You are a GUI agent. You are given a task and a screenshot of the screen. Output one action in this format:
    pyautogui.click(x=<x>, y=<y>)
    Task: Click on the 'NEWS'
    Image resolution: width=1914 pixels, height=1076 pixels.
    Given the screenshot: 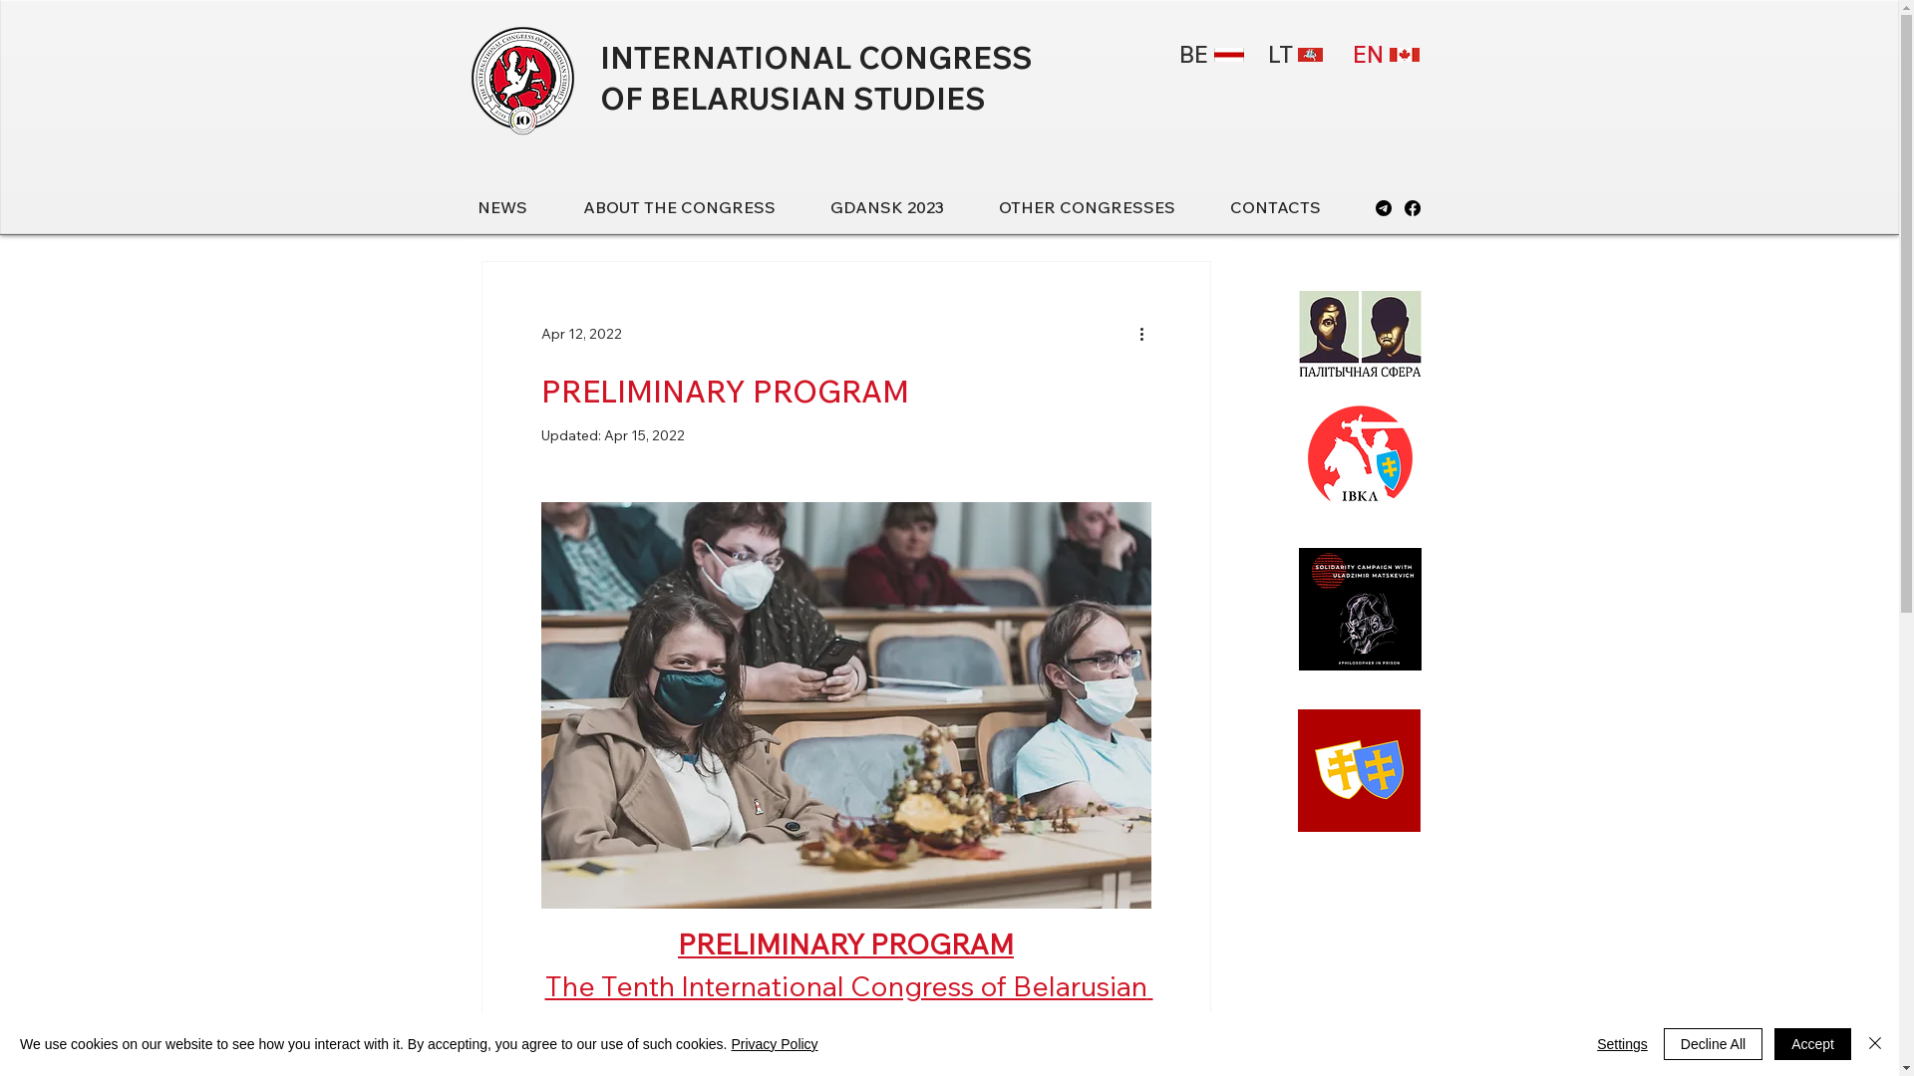 What is the action you would take?
    pyautogui.click(x=519, y=207)
    